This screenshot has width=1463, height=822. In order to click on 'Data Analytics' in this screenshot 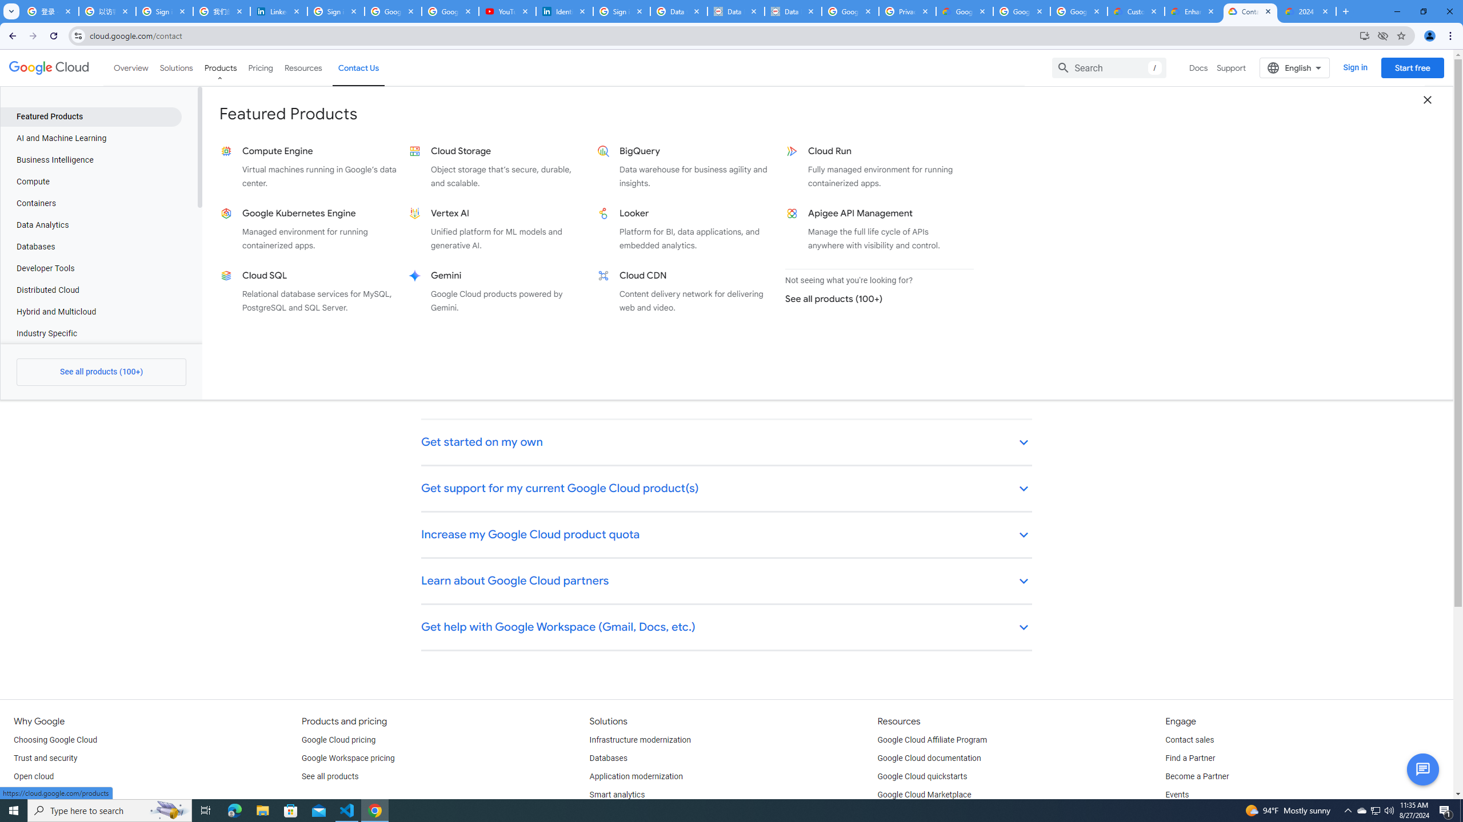, I will do `click(90, 225)`.